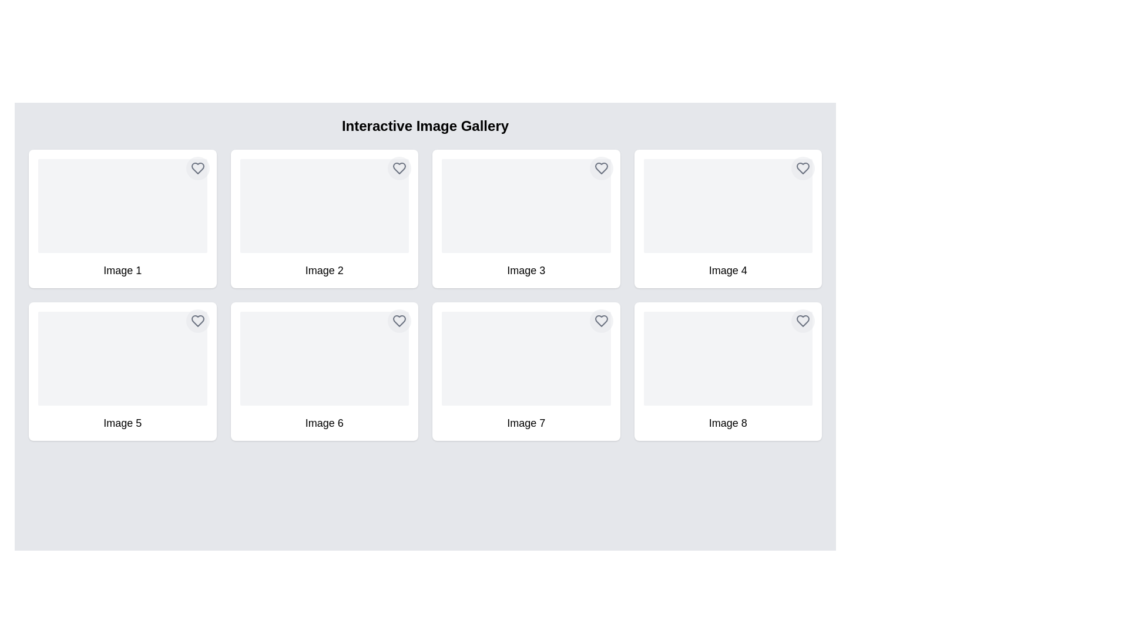 The image size is (1128, 634). What do you see at coordinates (727, 423) in the screenshot?
I see `the text label displaying 'Image 8', which is located at the bottom center of the eighth tile in the 'Interactive Image Gallery'` at bounding box center [727, 423].